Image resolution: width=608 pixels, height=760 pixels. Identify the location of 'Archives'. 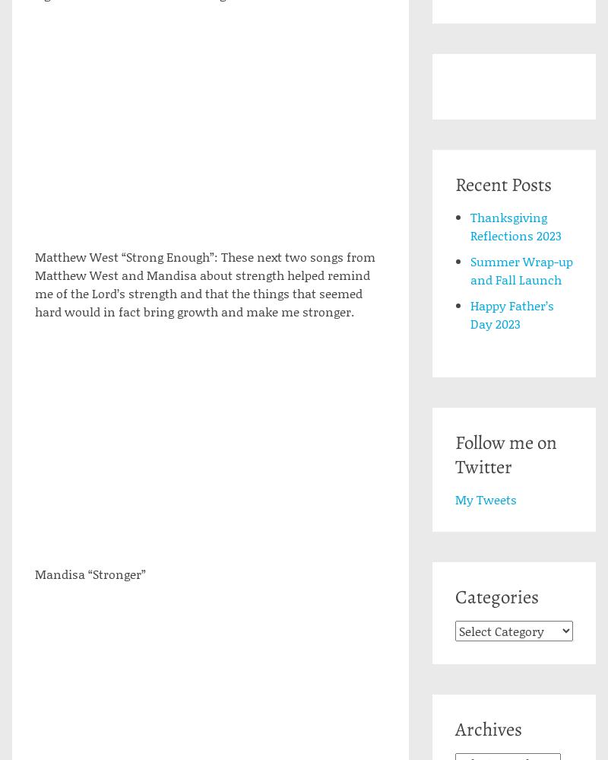
(487, 729).